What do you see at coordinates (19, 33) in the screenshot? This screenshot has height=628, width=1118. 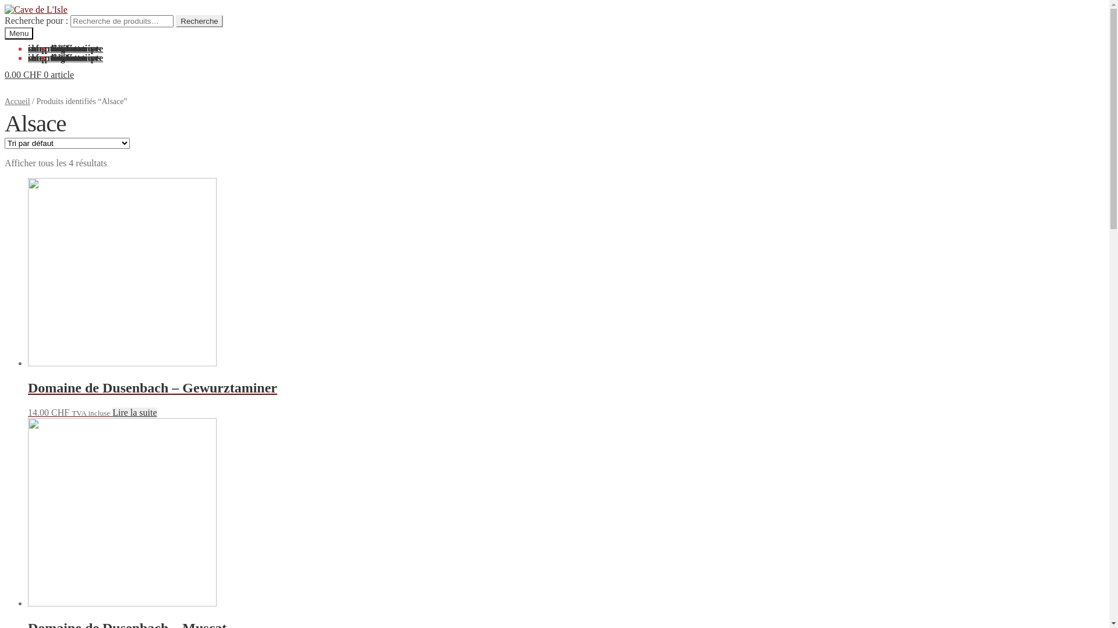 I see `'Menu'` at bounding box center [19, 33].